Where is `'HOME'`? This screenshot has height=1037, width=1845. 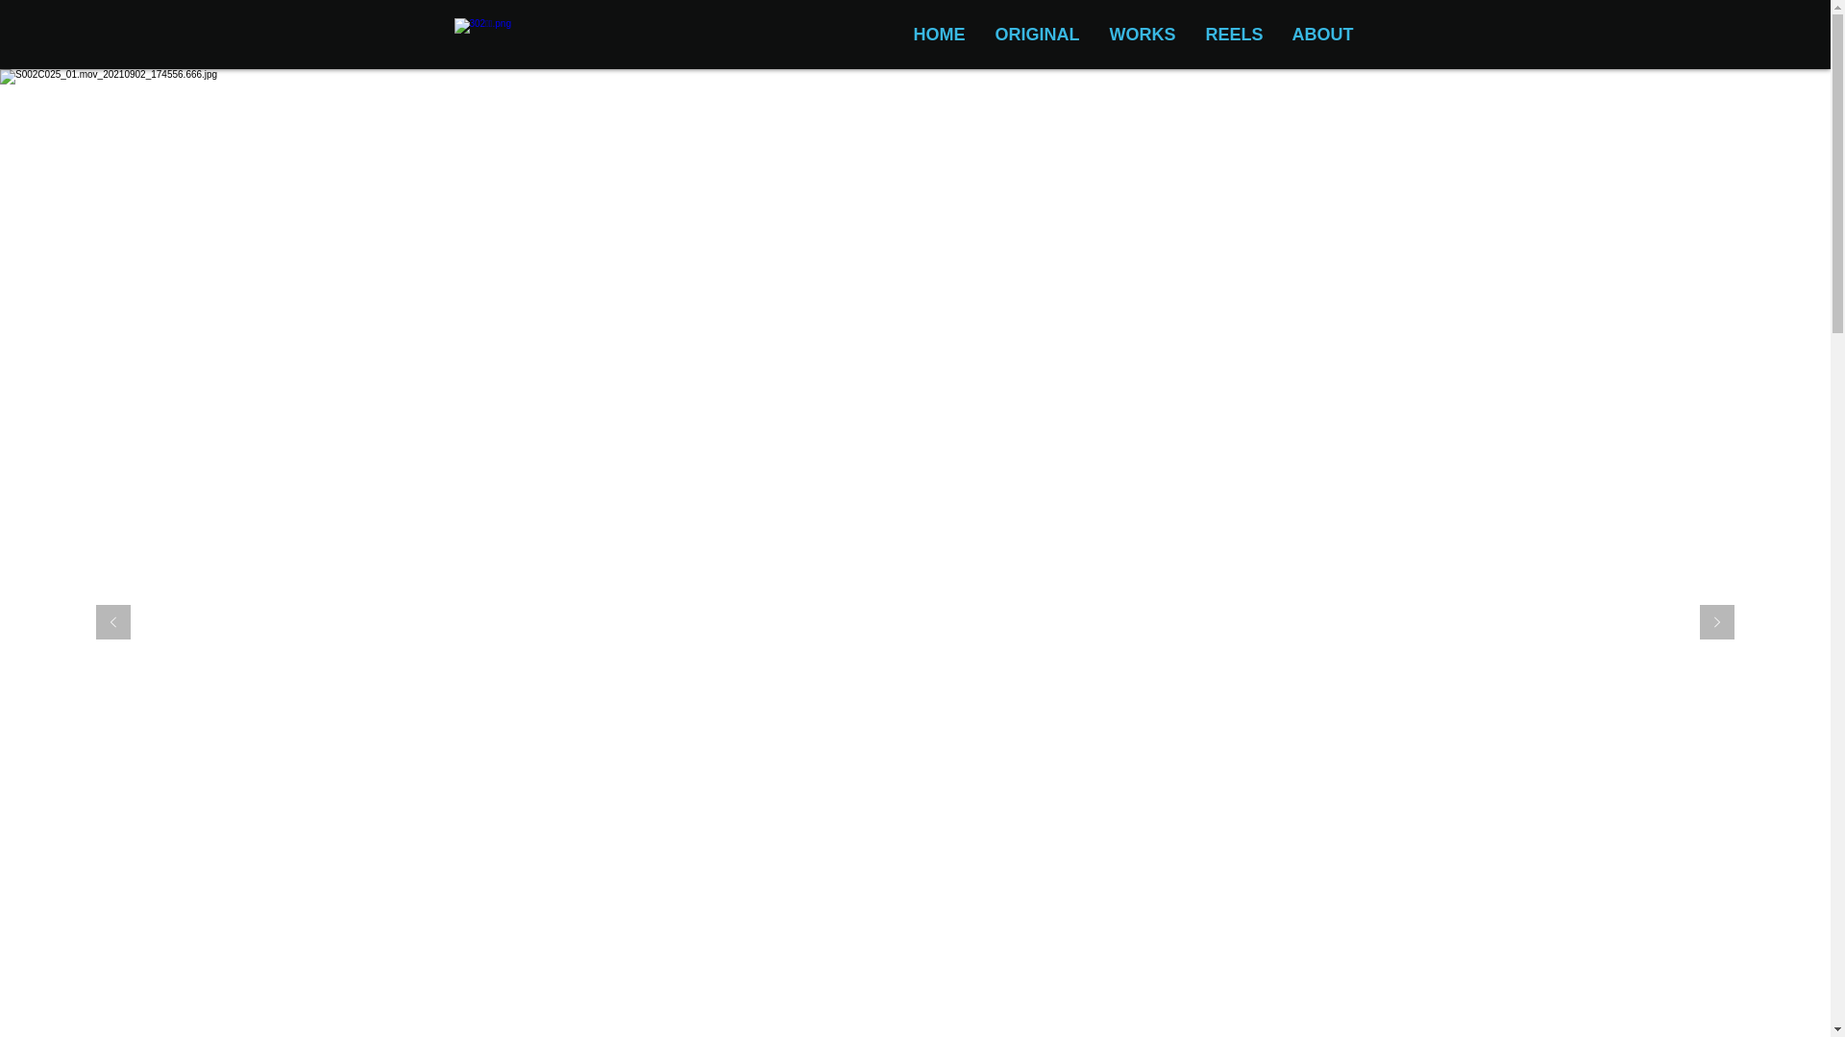
'HOME' is located at coordinates (938, 35).